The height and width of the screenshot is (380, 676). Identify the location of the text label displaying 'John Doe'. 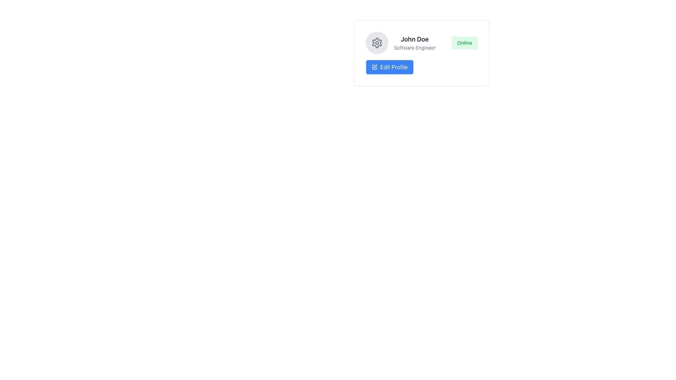
(415, 39).